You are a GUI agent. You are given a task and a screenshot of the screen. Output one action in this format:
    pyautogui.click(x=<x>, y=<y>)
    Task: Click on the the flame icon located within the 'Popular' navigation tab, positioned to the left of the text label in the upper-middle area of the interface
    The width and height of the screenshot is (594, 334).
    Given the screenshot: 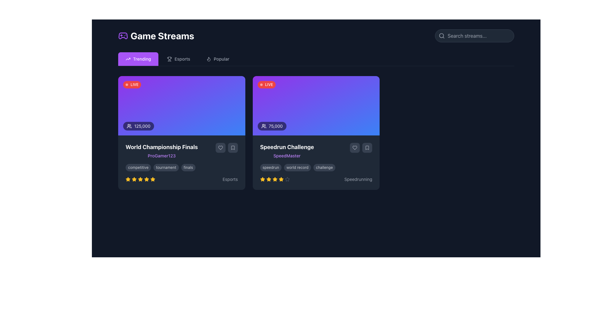 What is the action you would take?
    pyautogui.click(x=209, y=59)
    